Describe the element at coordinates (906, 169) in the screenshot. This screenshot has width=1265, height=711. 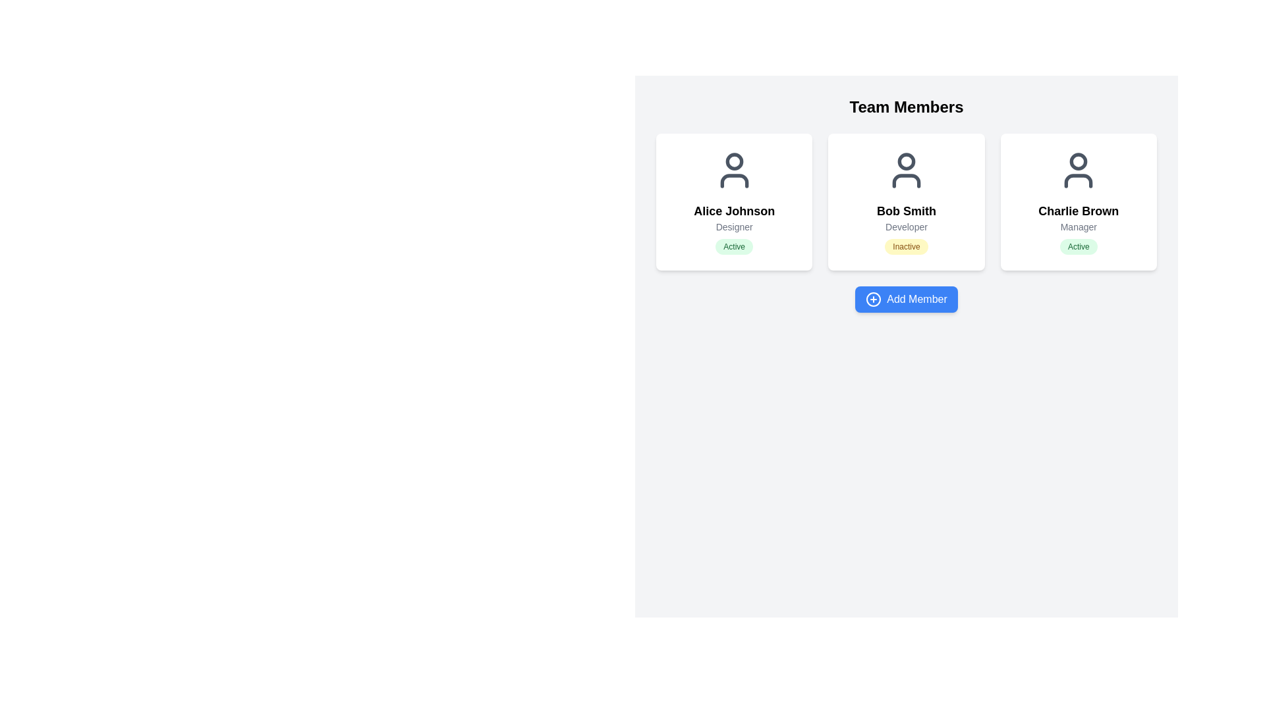
I see `the user silhouette icon located at the top-left of the 'Bob Smith' profile card, which features a minimalist design with a black stroke and white fill` at that location.